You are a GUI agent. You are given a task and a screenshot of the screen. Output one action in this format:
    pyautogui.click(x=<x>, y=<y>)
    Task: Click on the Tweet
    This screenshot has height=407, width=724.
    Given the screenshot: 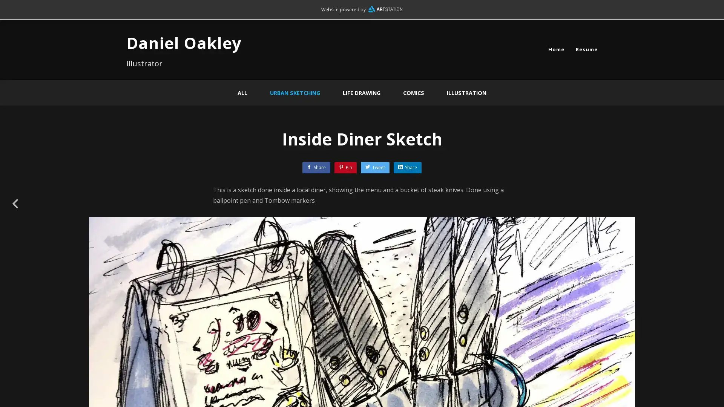 What is the action you would take?
    pyautogui.click(x=375, y=167)
    